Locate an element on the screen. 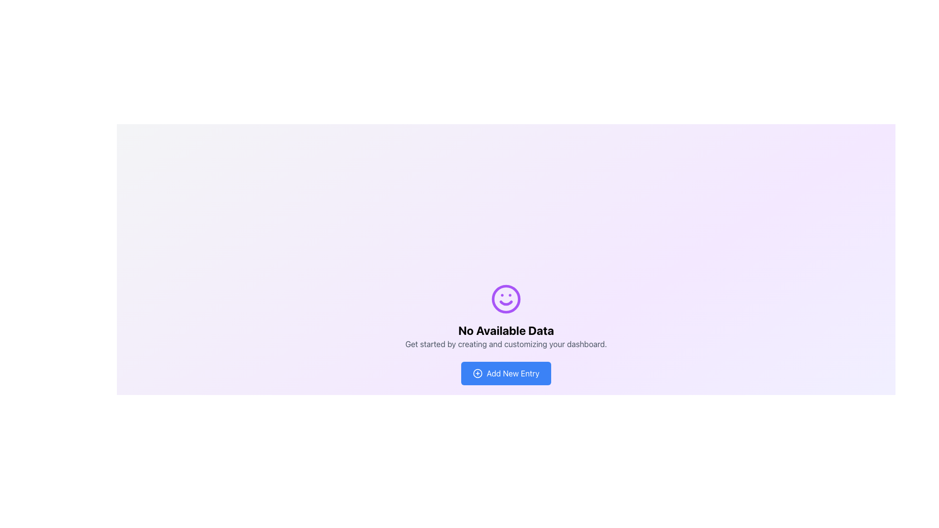 The width and height of the screenshot is (939, 528). the blue button labeled 'Add New Entry' with a white plus symbol is located at coordinates (506, 373).